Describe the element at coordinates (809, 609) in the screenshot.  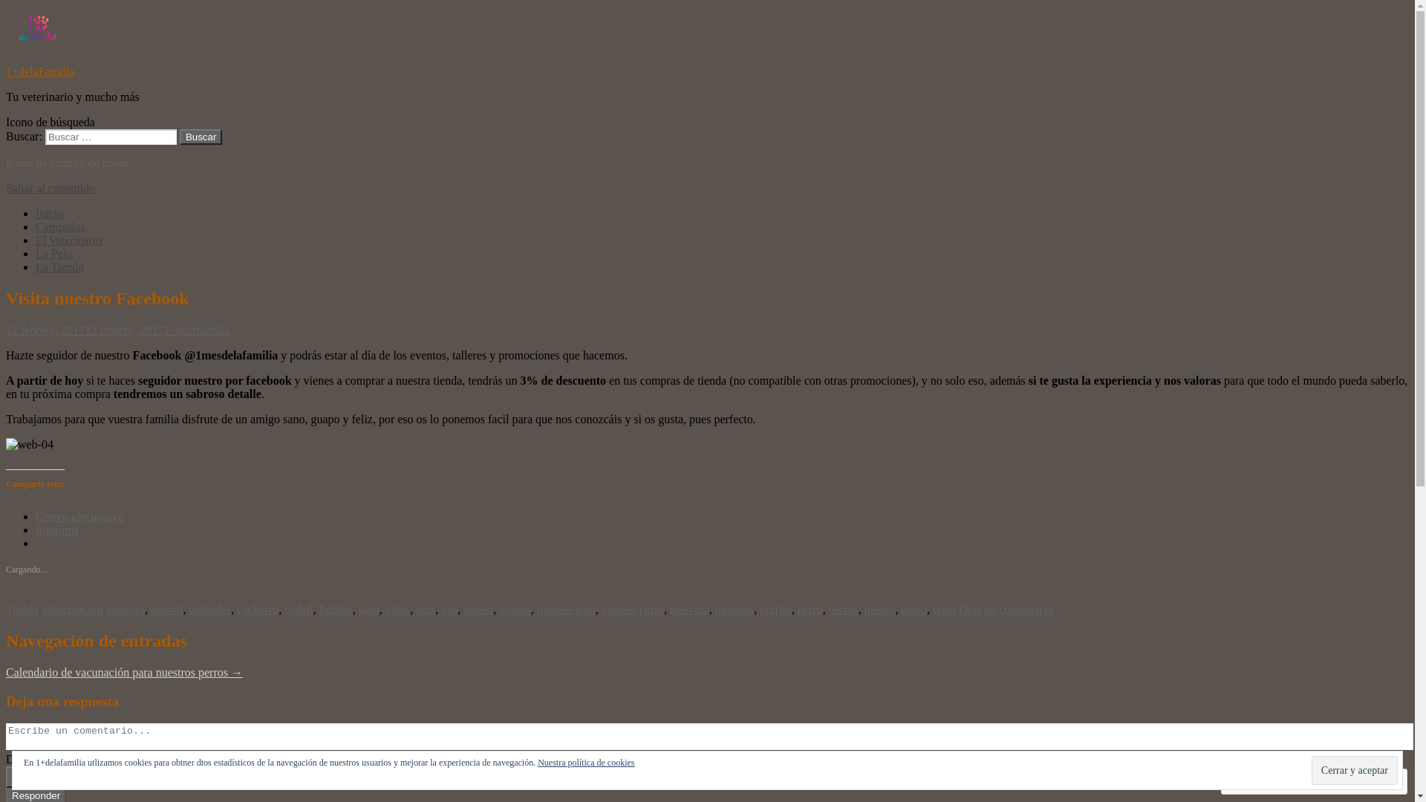
I see `'perro'` at that location.